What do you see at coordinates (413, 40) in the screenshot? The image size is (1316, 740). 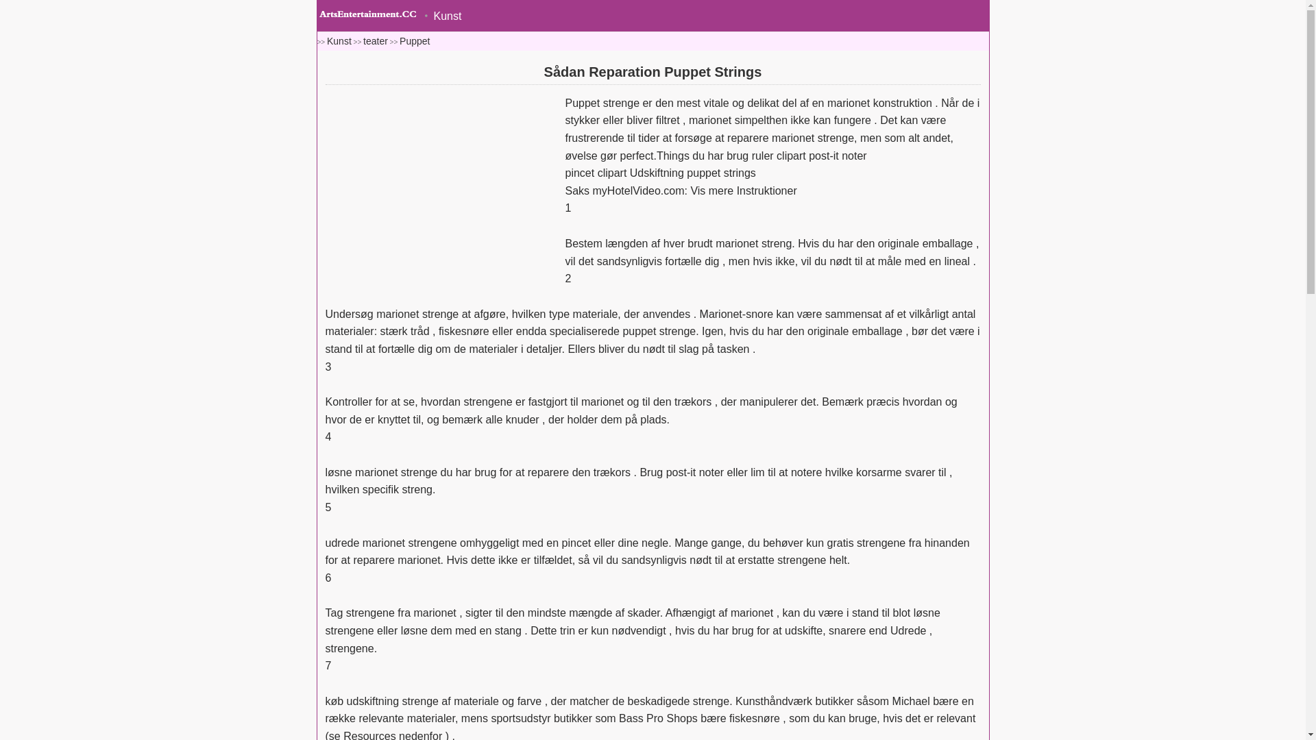 I see `'Puppet'` at bounding box center [413, 40].